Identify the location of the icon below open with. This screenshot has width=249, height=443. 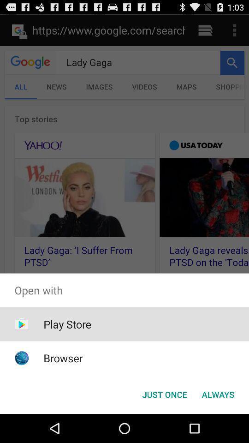
(67, 324).